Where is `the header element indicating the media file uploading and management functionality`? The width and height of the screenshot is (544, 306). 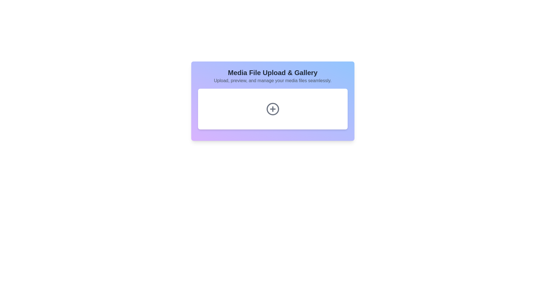 the header element indicating the media file uploading and management functionality is located at coordinates (273, 73).